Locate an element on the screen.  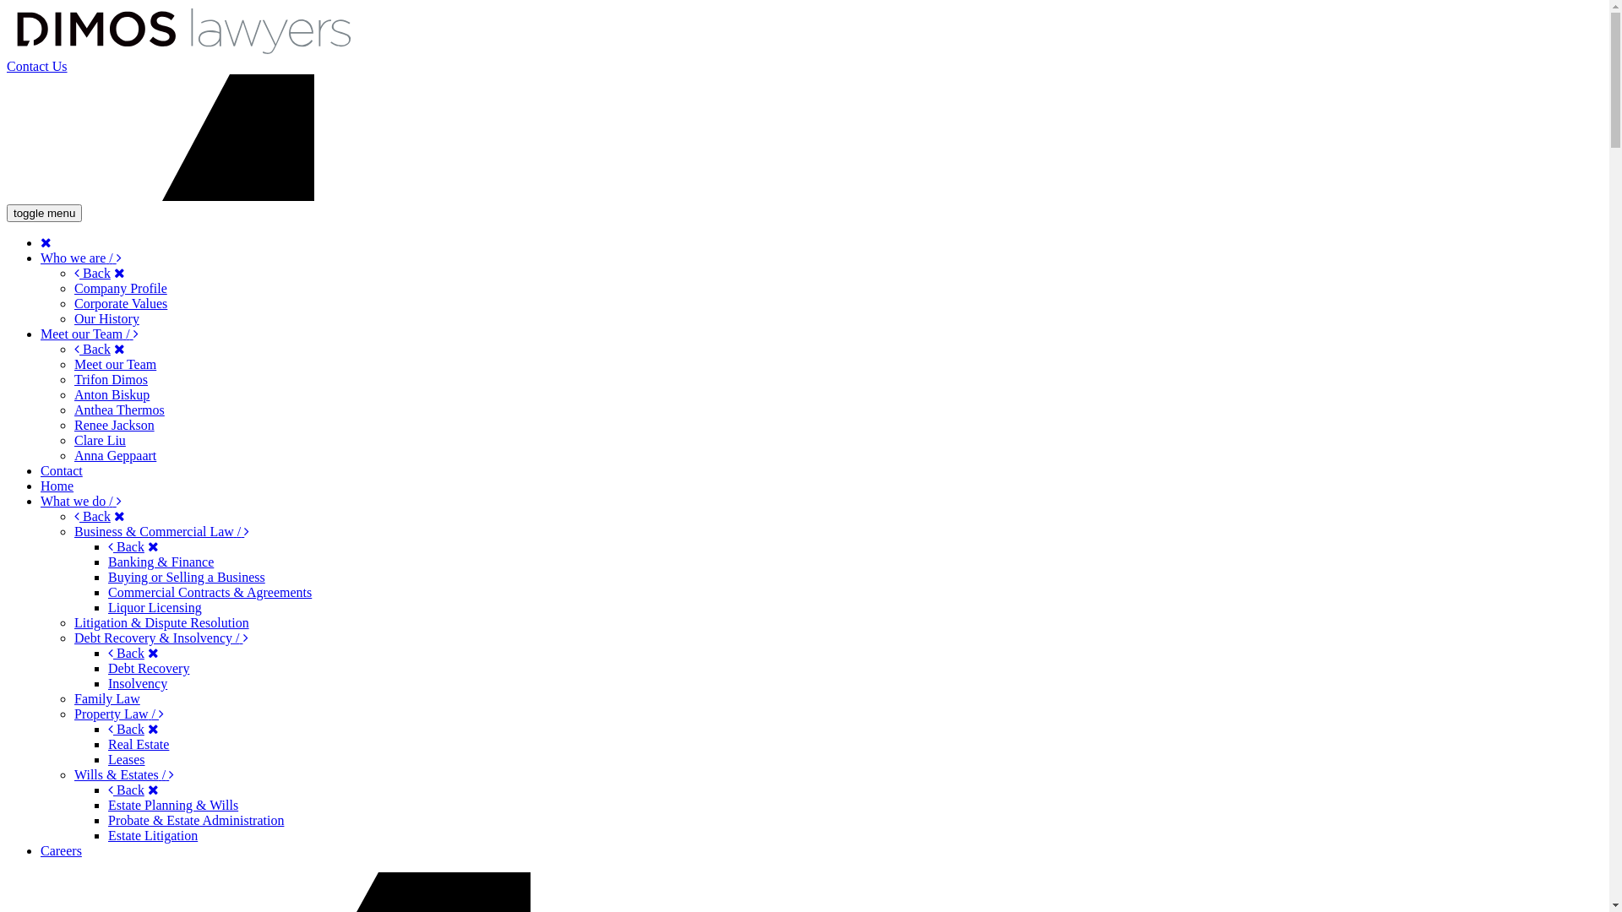
'Trifon Dimos' is located at coordinates (73, 378).